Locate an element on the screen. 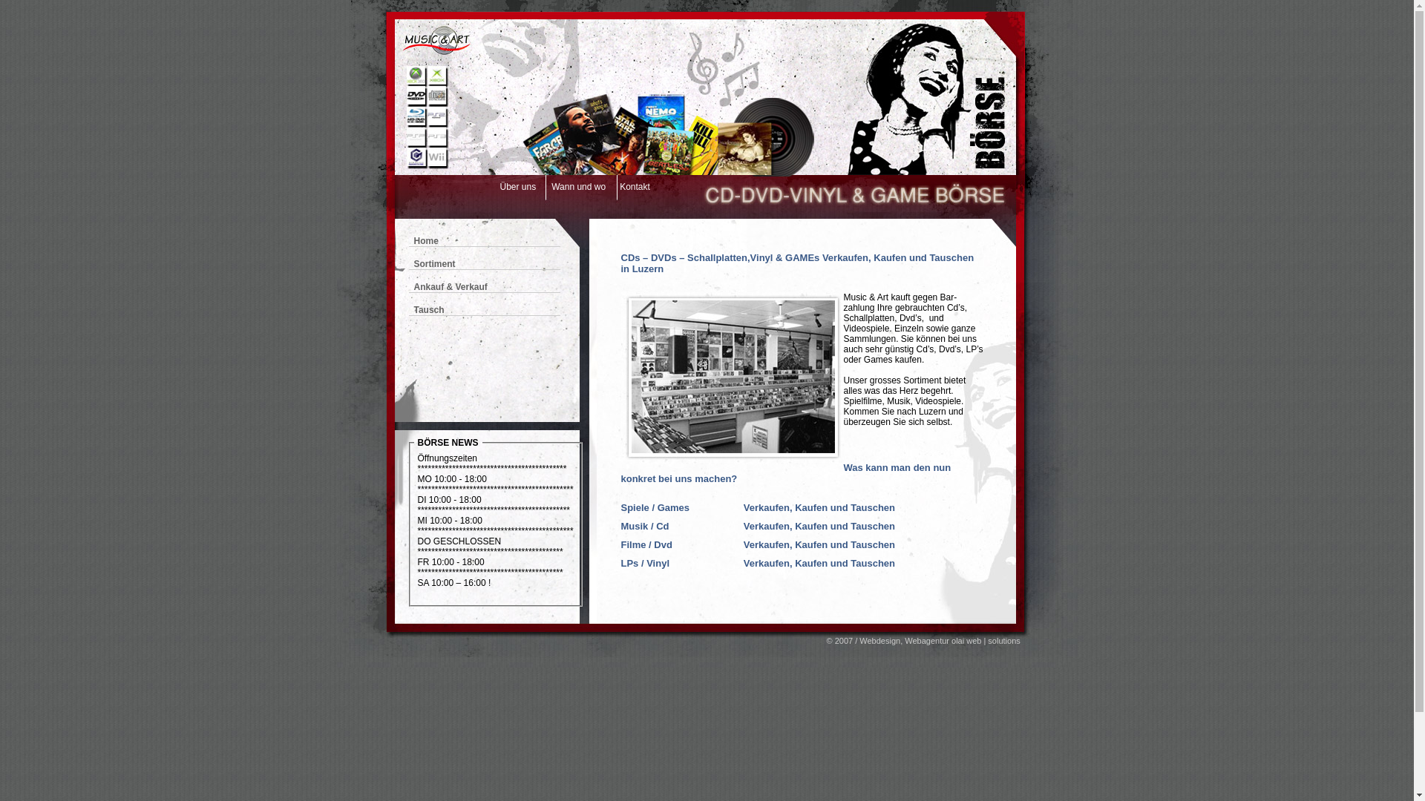  'Kontakt' is located at coordinates (635, 185).